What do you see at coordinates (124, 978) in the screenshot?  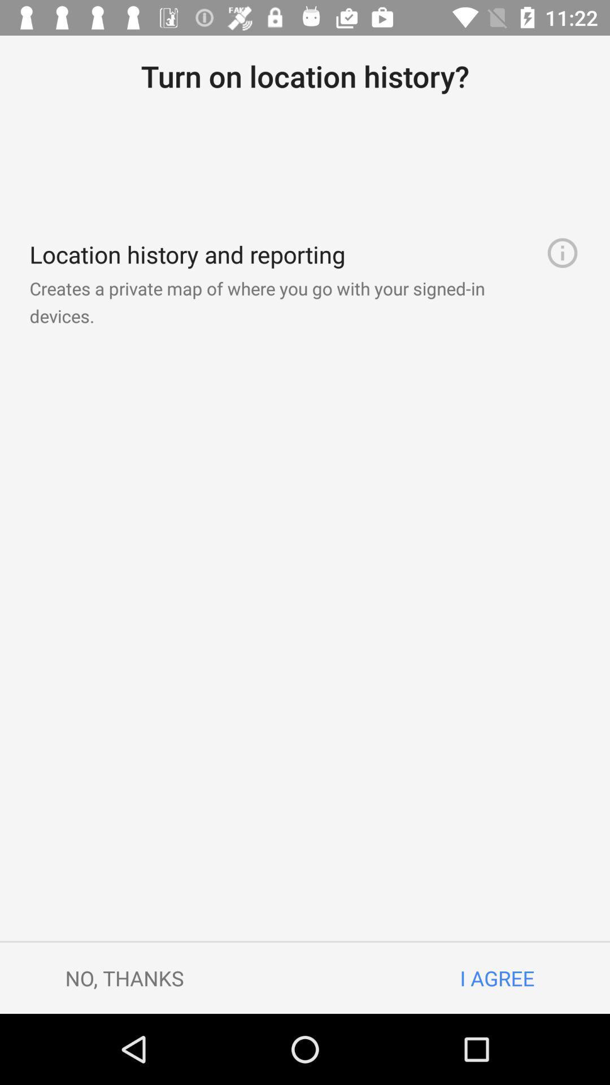 I see `the no, thanks at the bottom left corner` at bounding box center [124, 978].